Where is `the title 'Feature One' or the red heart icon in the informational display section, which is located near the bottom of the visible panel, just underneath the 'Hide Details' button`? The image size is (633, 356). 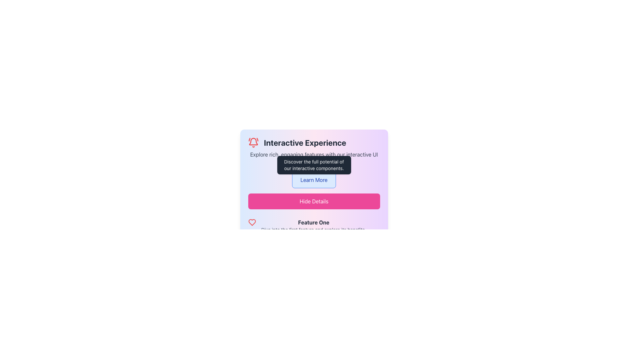 the title 'Feature One' or the red heart icon in the informational display section, which is located near the bottom of the visible panel, just underneath the 'Hide Details' button is located at coordinates (314, 225).